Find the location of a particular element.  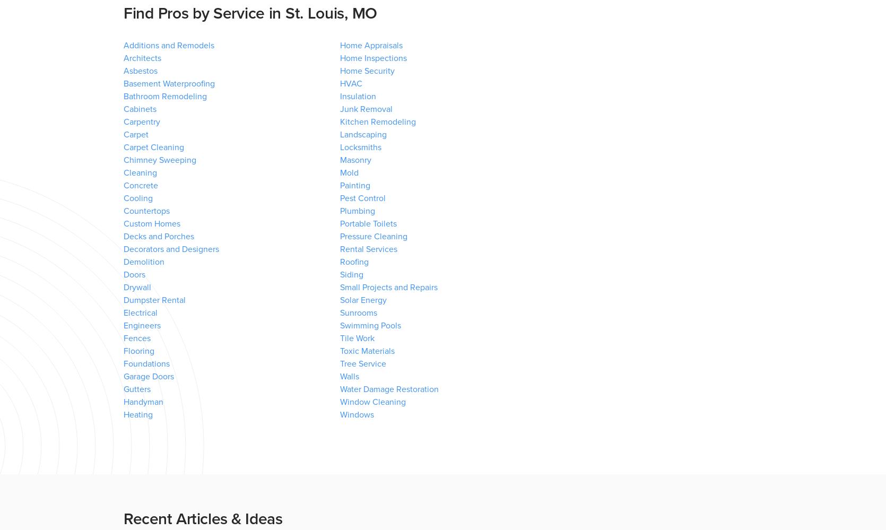

'Additions and Remodels' is located at coordinates (168, 45).